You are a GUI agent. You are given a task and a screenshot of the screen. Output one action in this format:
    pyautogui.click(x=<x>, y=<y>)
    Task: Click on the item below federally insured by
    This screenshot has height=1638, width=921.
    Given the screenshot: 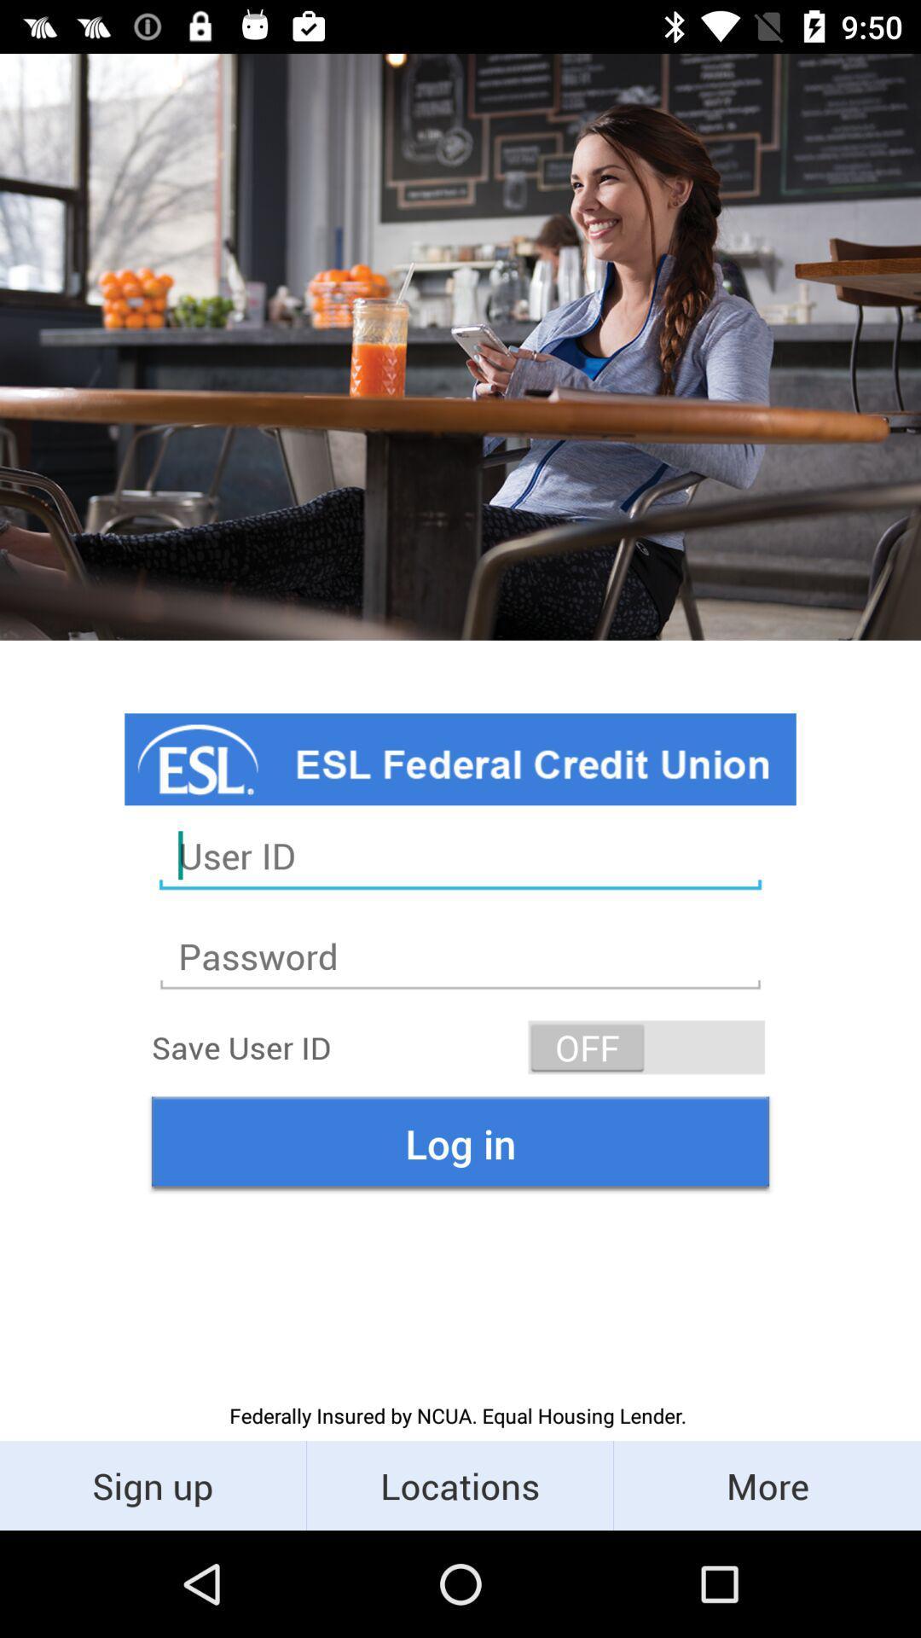 What is the action you would take?
    pyautogui.click(x=459, y=1484)
    